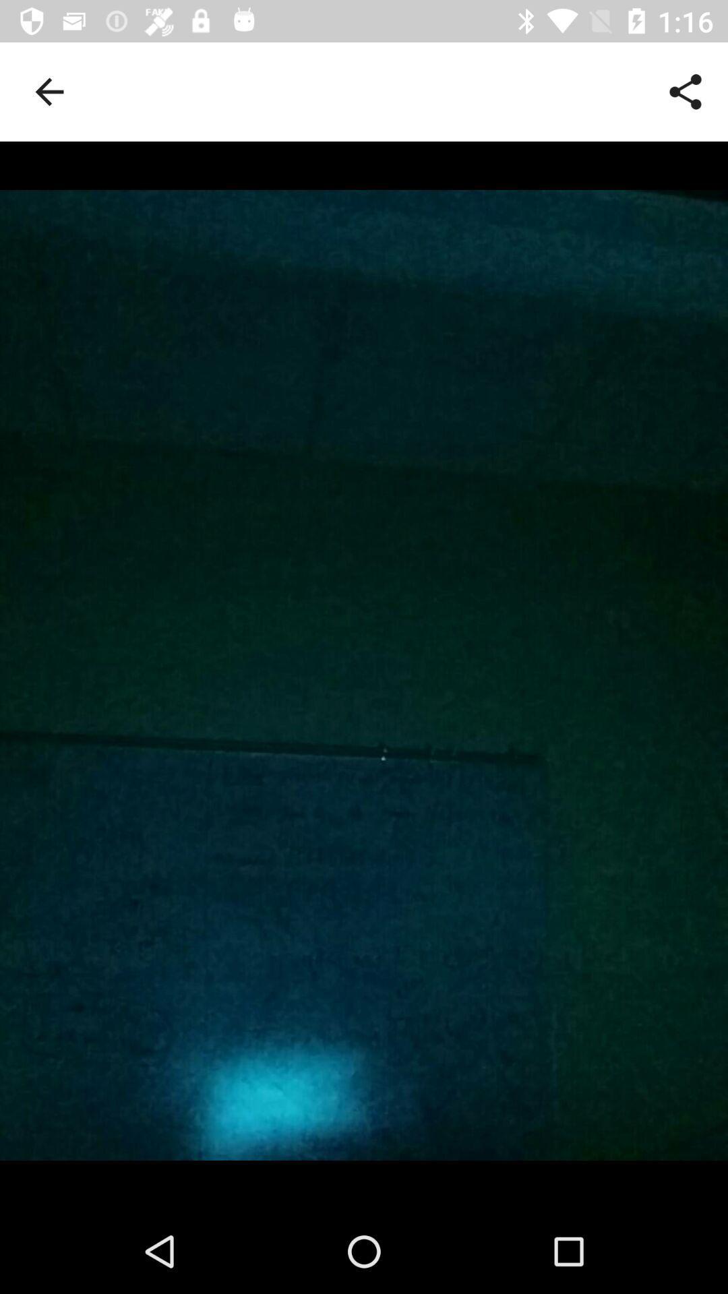  Describe the element at coordinates (49, 91) in the screenshot. I see `item at the top left corner` at that location.